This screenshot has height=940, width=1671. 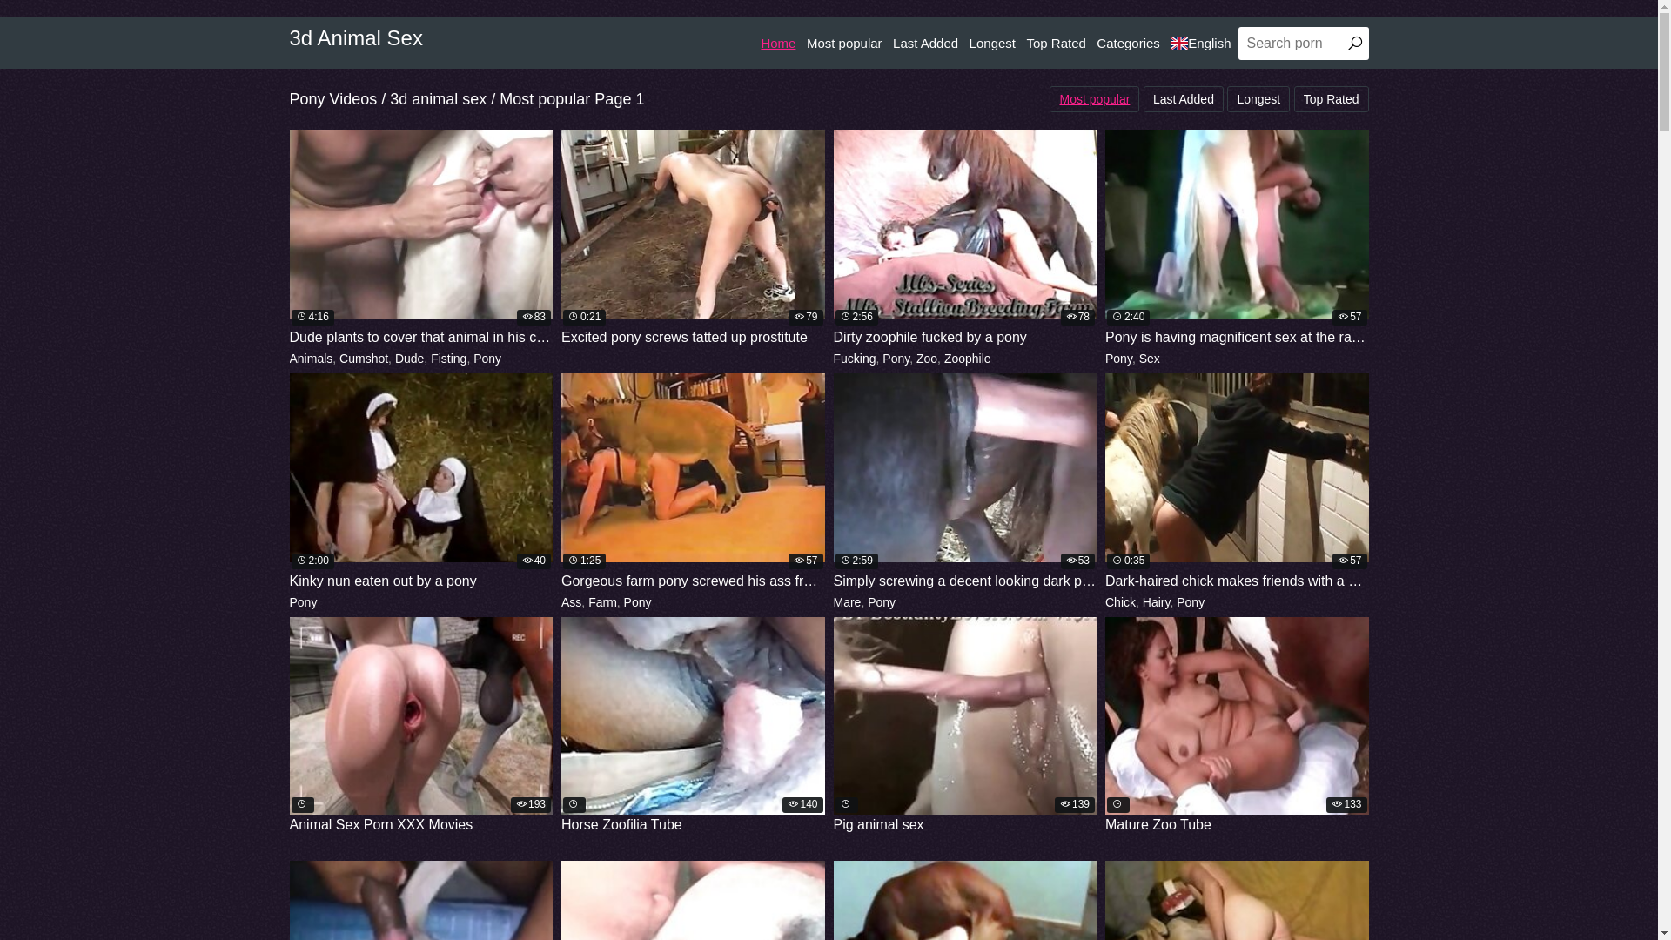 What do you see at coordinates (1236, 238) in the screenshot?
I see `'2:40` at bounding box center [1236, 238].